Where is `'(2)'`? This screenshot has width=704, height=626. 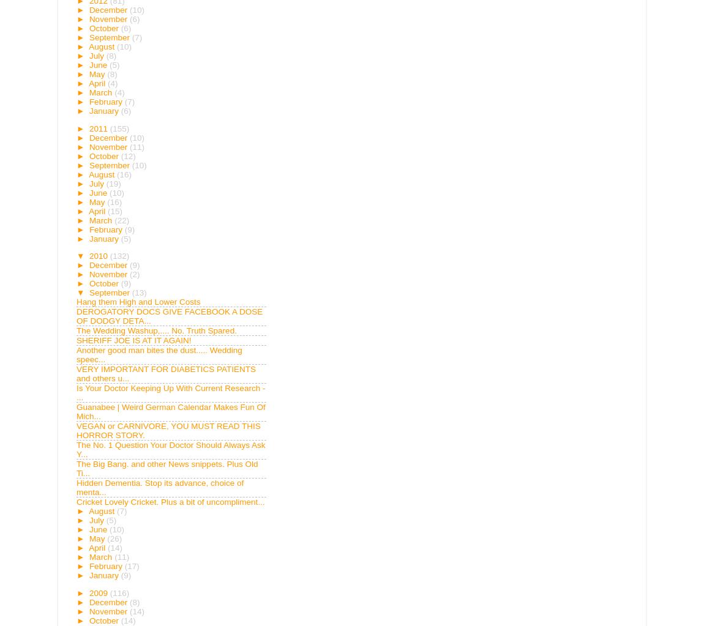 '(2)' is located at coordinates (133, 274).